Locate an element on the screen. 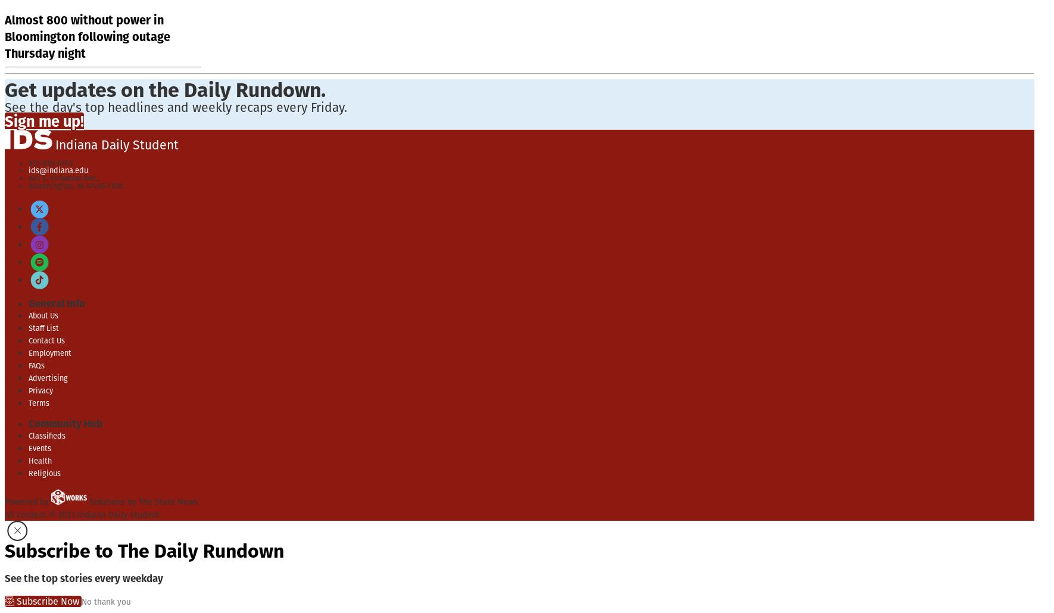 This screenshot has height=613, width=1054. 'Get updates on the Daily Rundown.' is located at coordinates (165, 89).